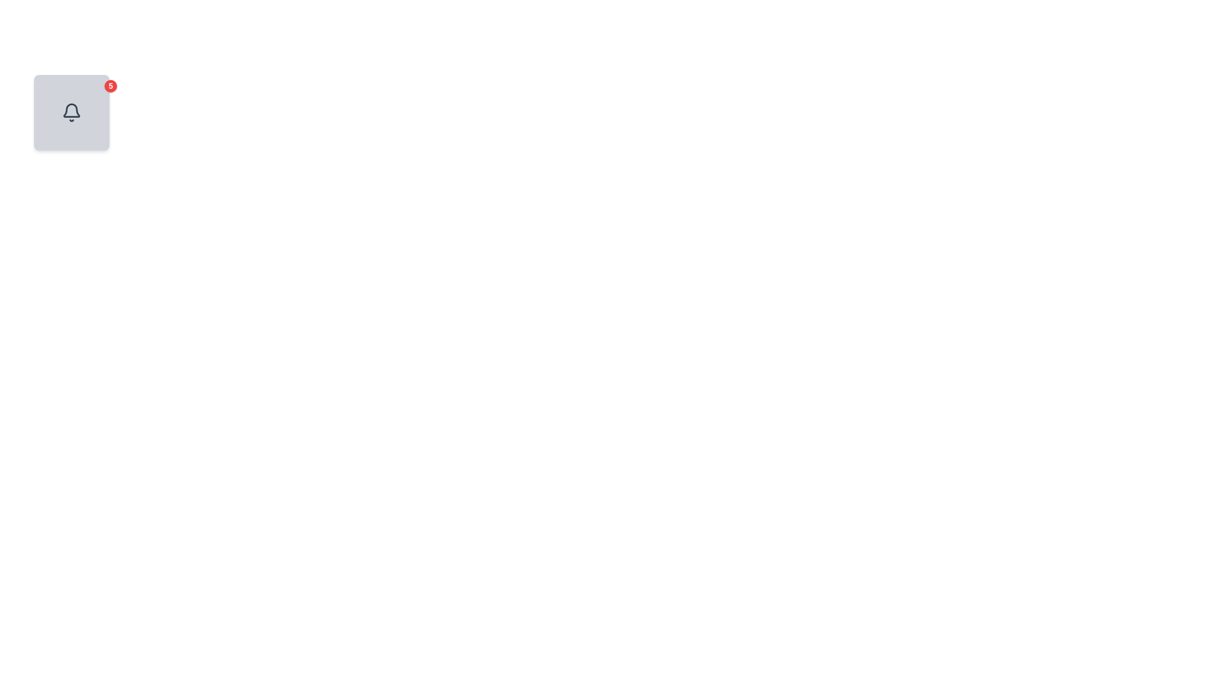 The width and height of the screenshot is (1209, 680). Describe the element at coordinates (71, 110) in the screenshot. I see `the bell-shaped notification icon, which is the larger bottom portion of the bell structure` at that location.